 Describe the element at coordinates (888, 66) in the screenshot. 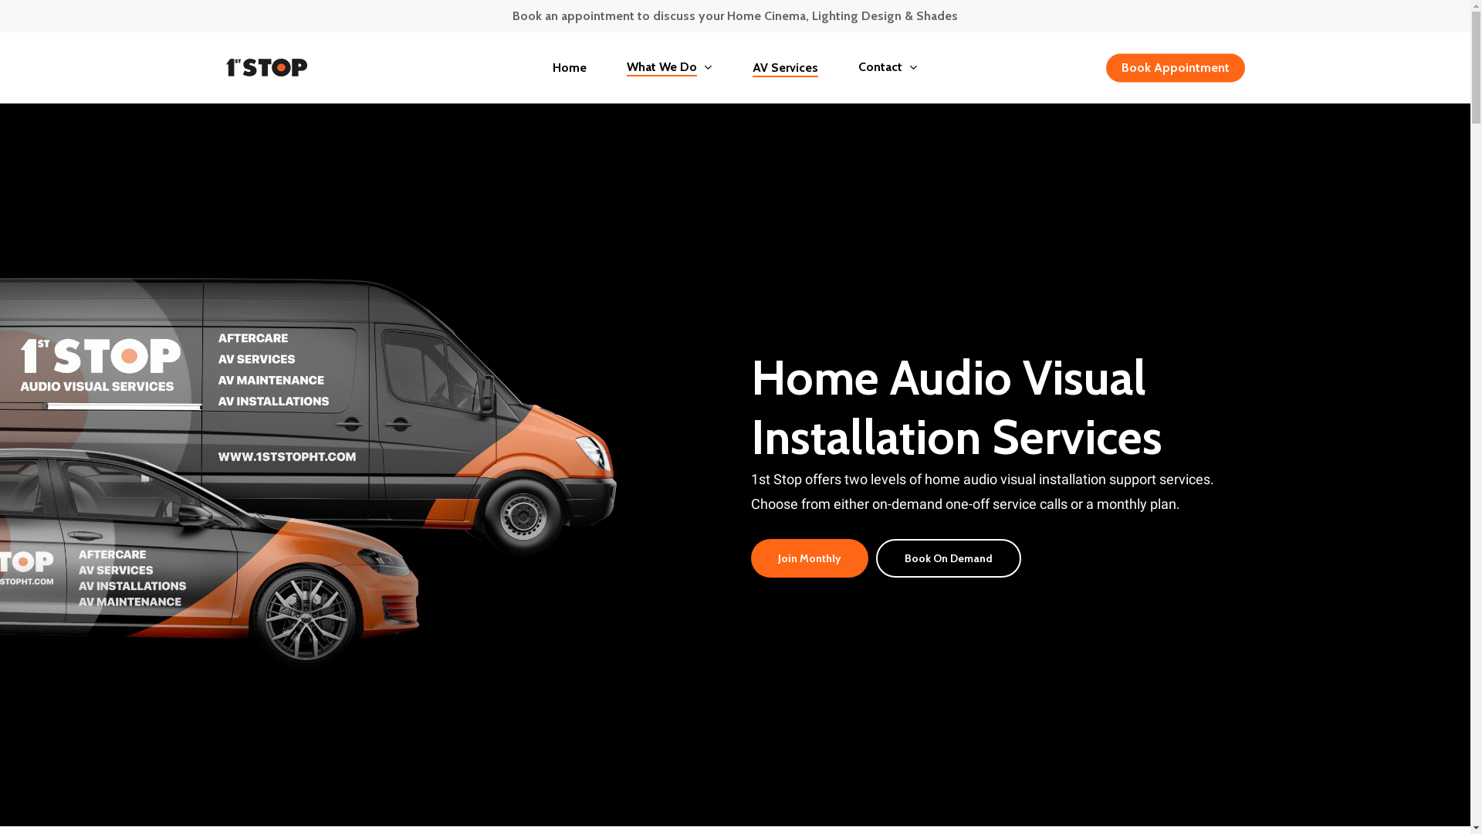

I see `'Contact'` at that location.